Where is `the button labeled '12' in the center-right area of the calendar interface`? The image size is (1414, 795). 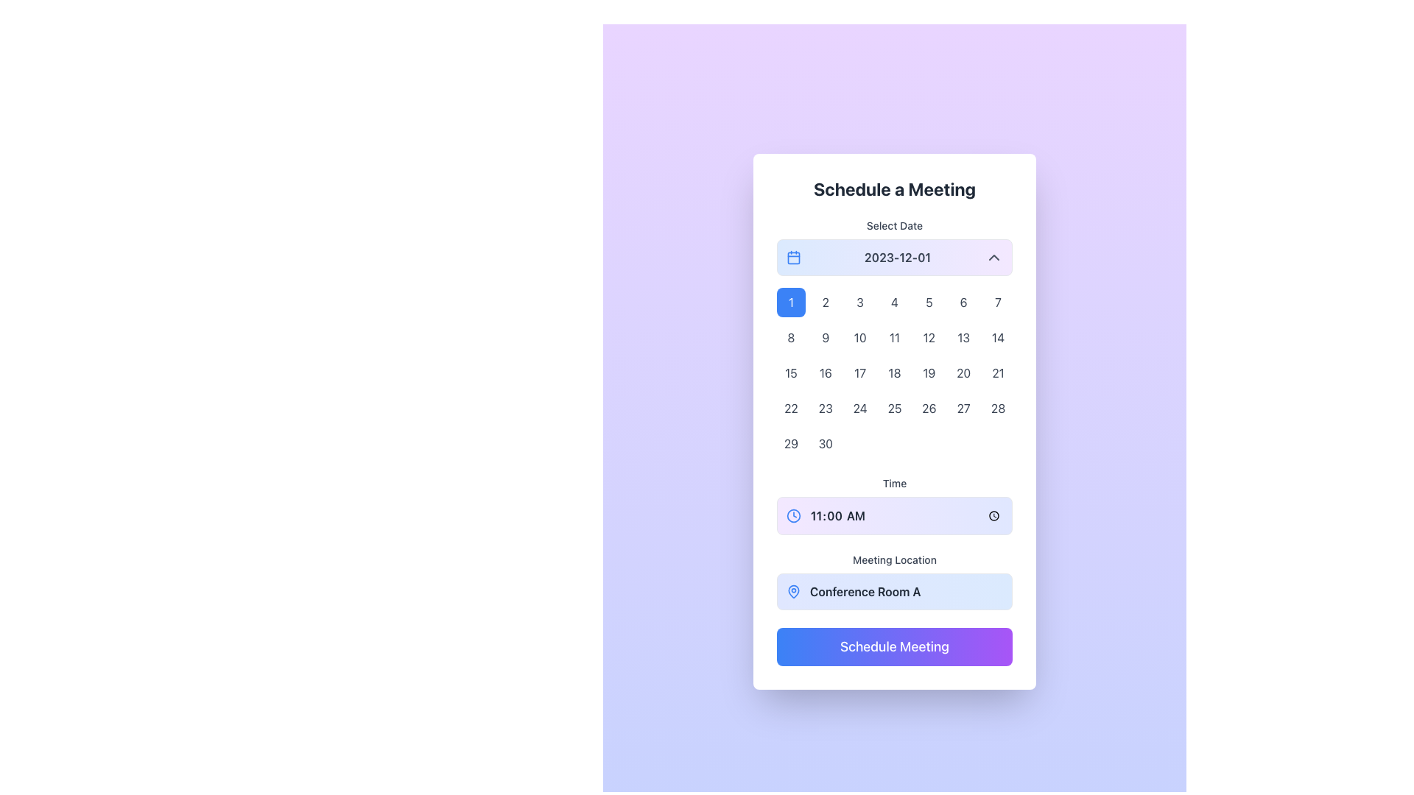
the button labeled '12' in the center-right area of the calendar interface is located at coordinates (928, 338).